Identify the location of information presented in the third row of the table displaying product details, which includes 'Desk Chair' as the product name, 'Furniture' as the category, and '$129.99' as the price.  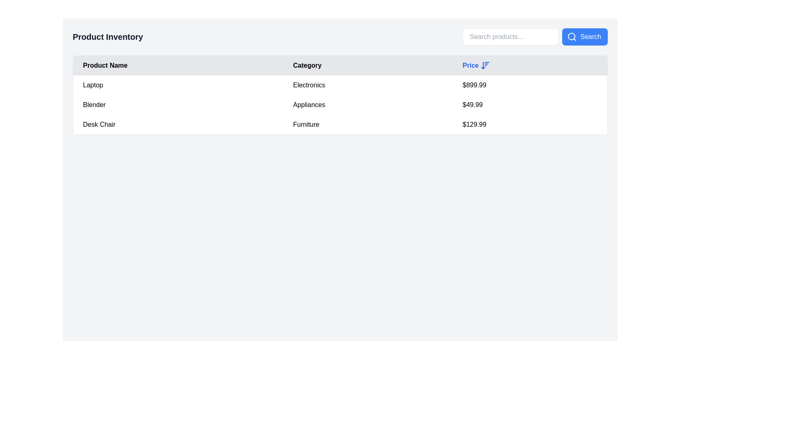
(340, 125).